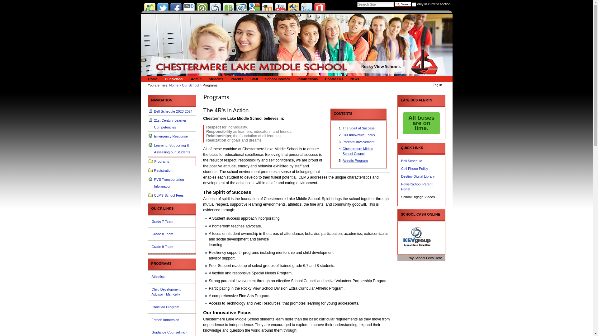  What do you see at coordinates (172, 292) in the screenshot?
I see `'Child Development Advisor - Ms. Kelly'` at bounding box center [172, 292].